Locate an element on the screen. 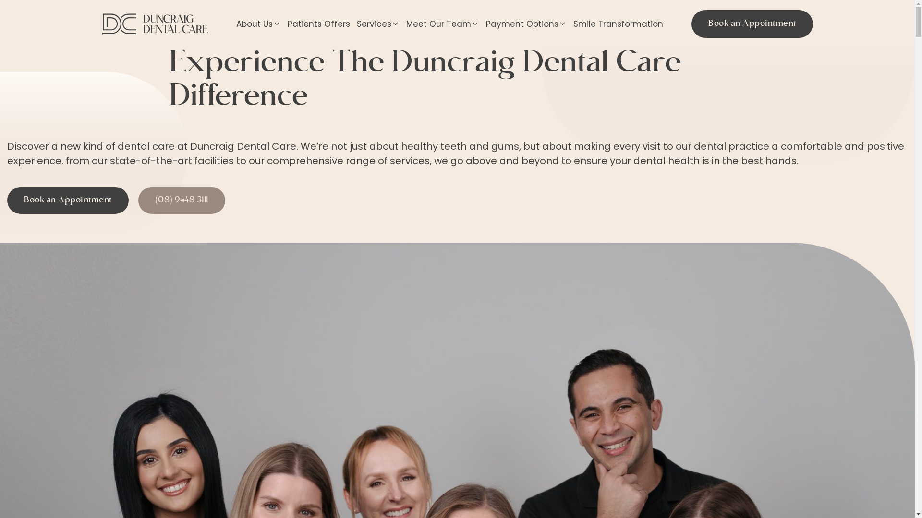  'Smile Transformation' is located at coordinates (618, 24).